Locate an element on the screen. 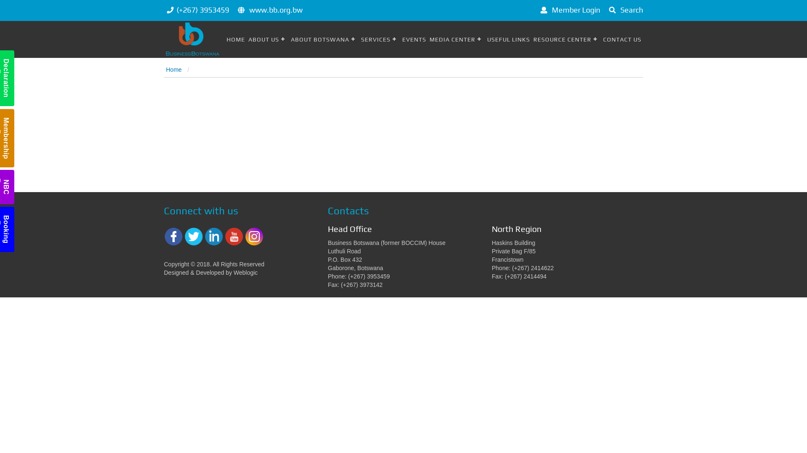 The height and width of the screenshot is (453, 807). 'SERVICES' is located at coordinates (379, 39).